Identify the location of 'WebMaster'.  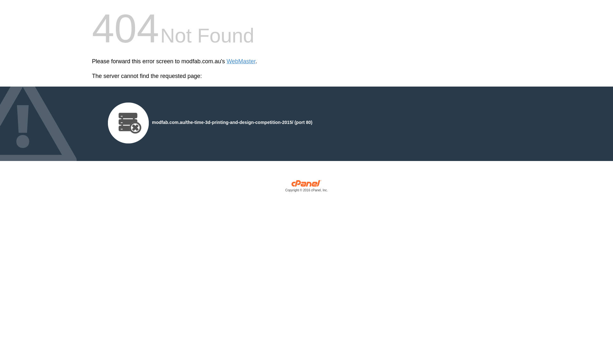
(241, 61).